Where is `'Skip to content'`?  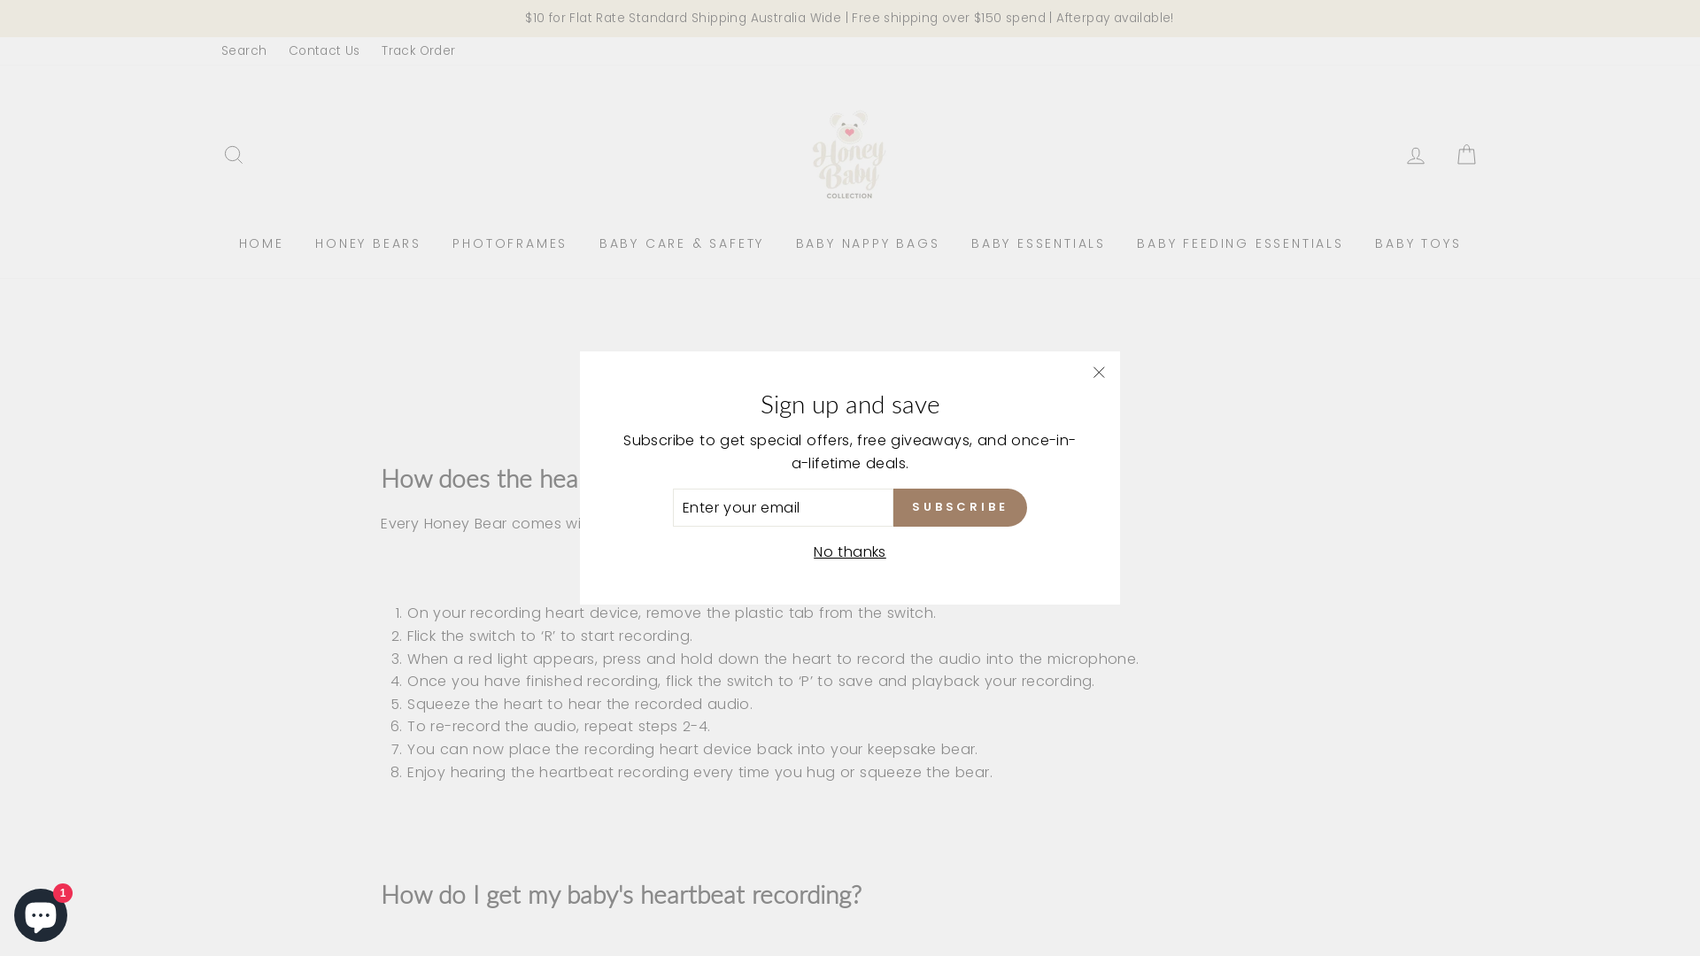
'Skip to content' is located at coordinates (0, 0).